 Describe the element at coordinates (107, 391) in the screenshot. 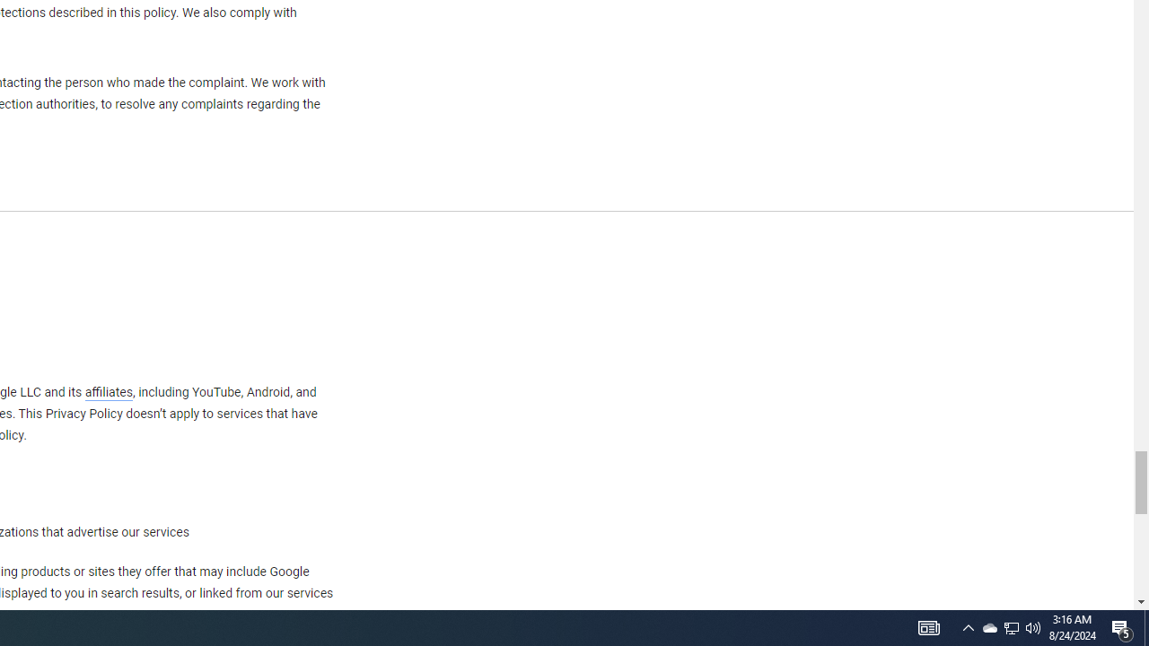

I see `'affiliates'` at that location.